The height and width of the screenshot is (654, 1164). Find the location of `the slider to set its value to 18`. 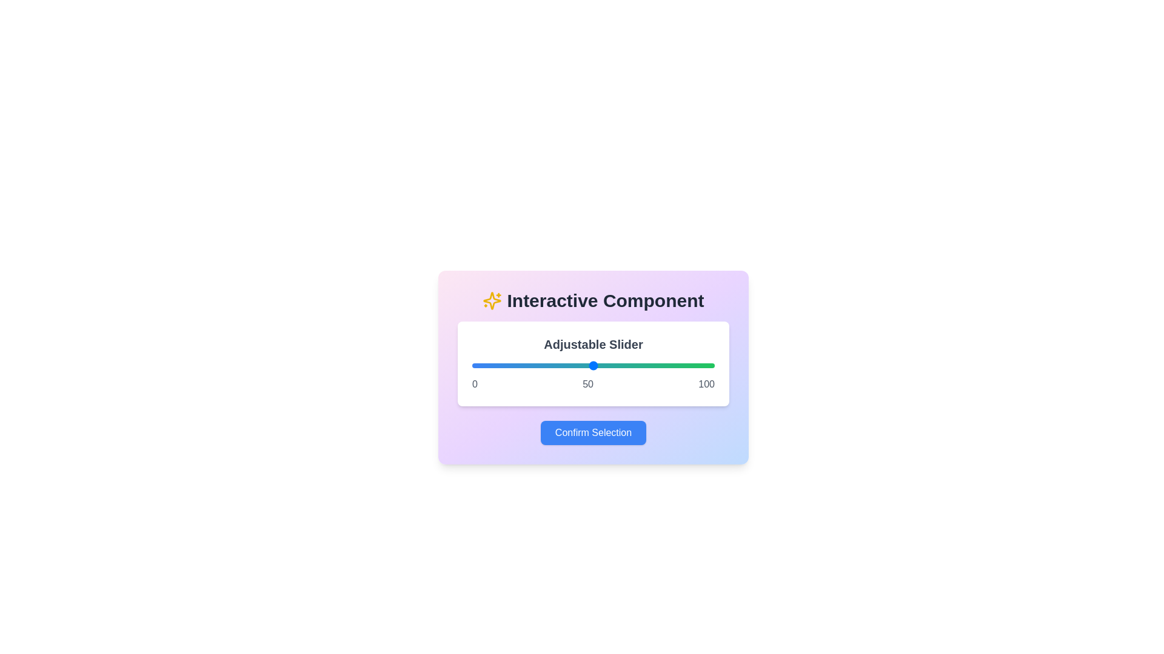

the slider to set its value to 18 is located at coordinates (515, 365).